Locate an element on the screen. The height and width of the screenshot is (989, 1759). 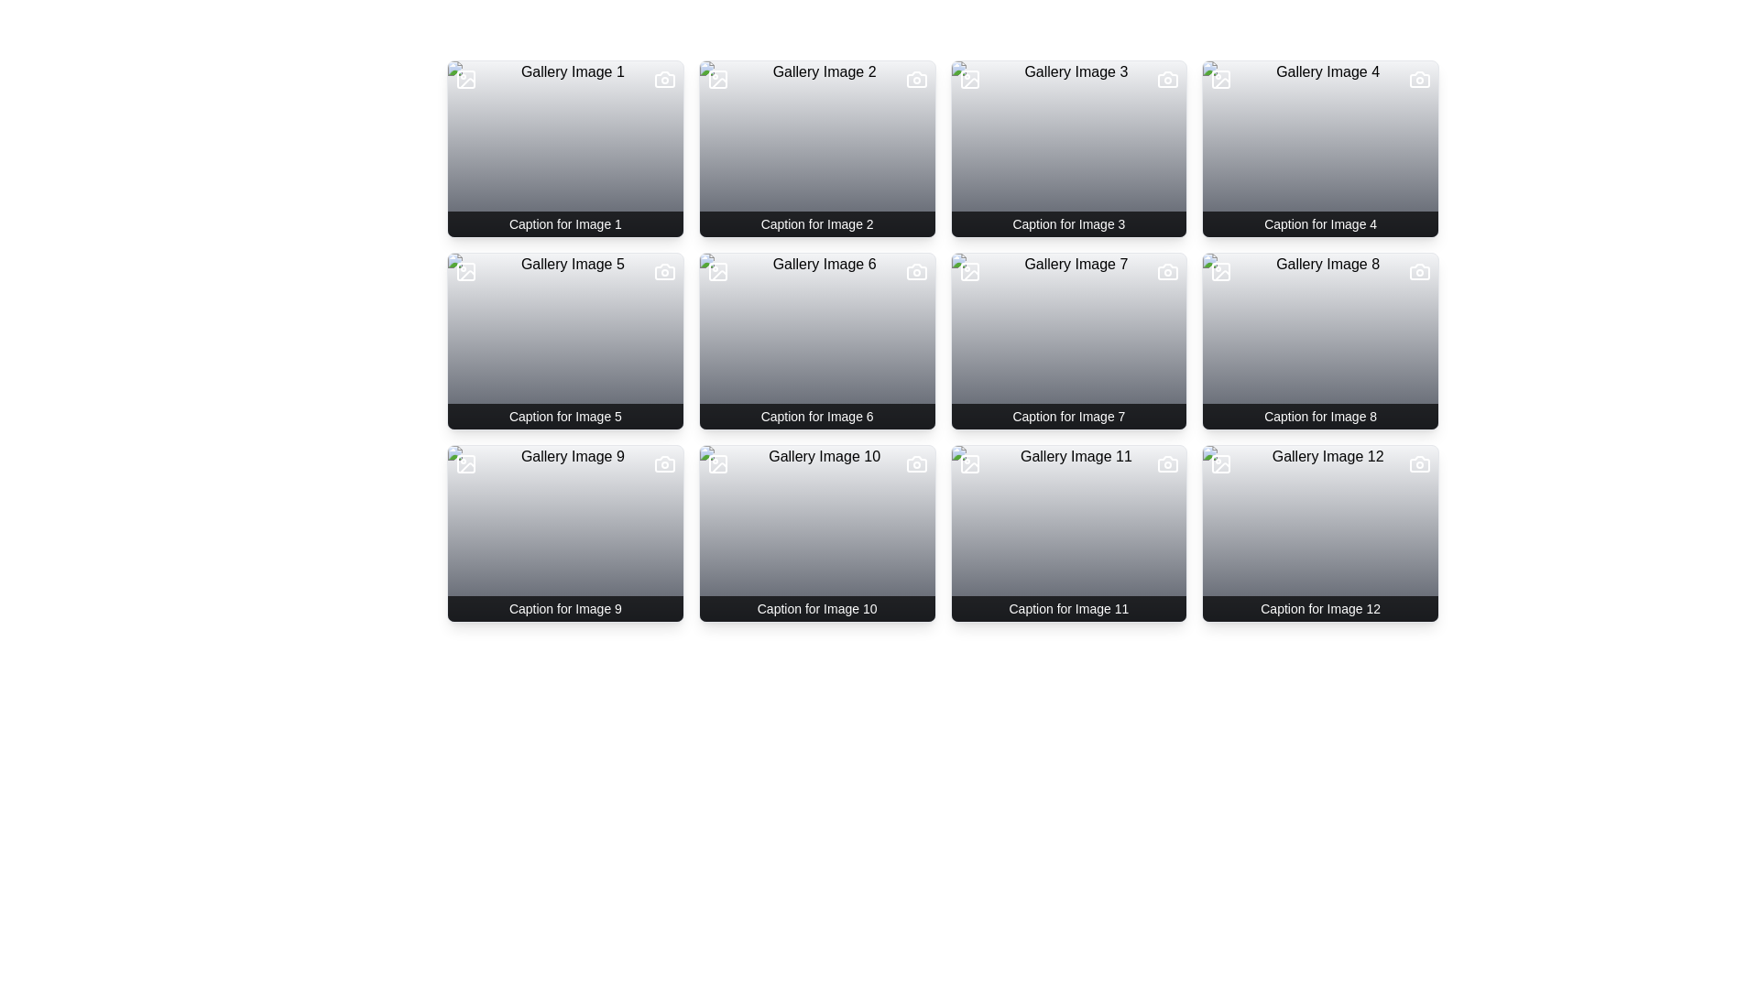
caption text of the text label displaying 'Caption for Image 6', which is located at the bottom of the sixth image card in a 4x3 grid layout is located at coordinates (816, 417).